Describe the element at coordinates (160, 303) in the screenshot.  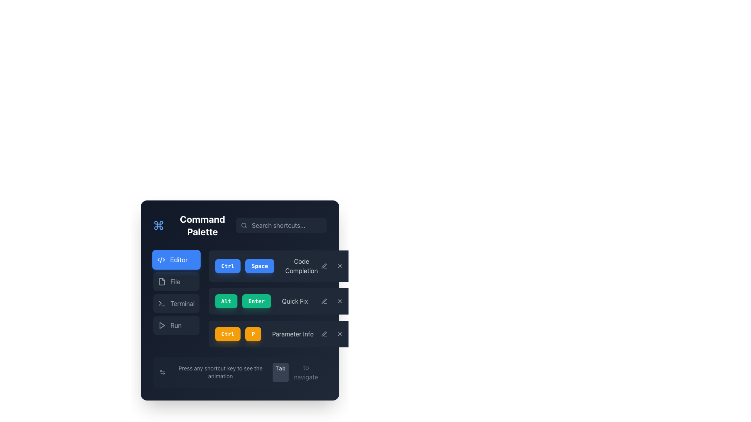
I see `the small triangular shape located within the terminal icon on the command palette interface, adjacent to the 'Terminal' label` at that location.